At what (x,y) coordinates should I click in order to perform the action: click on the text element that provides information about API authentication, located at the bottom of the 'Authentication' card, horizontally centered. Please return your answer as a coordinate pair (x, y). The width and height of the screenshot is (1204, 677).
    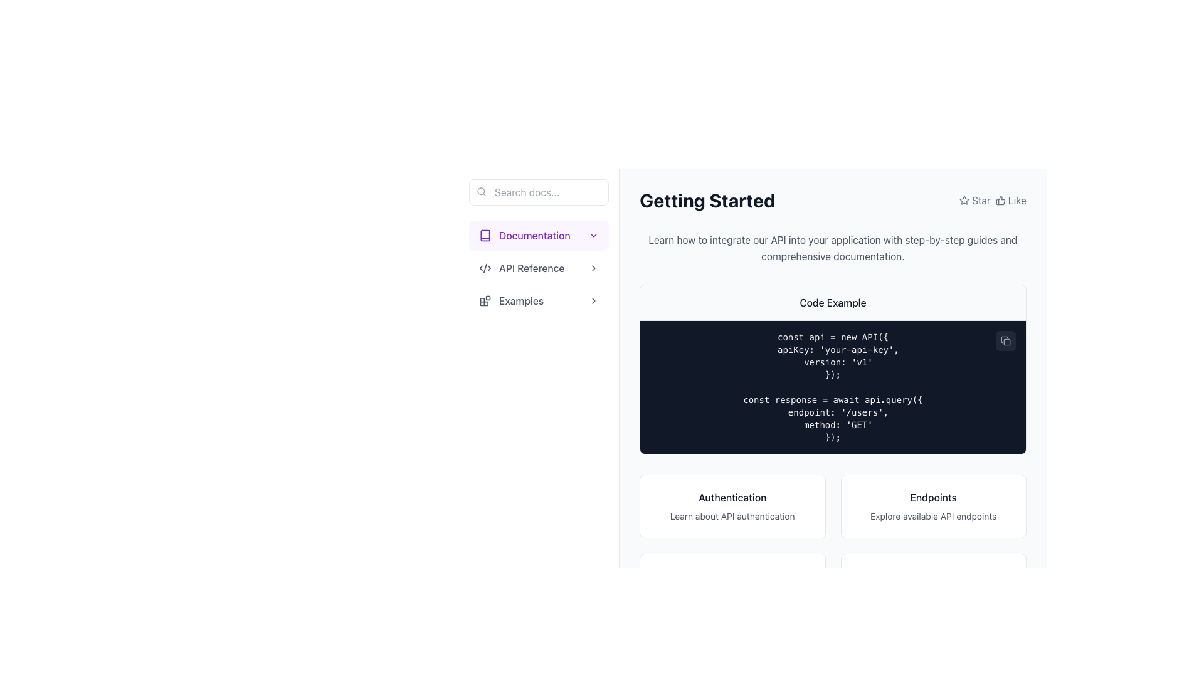
    Looking at the image, I should click on (732, 517).